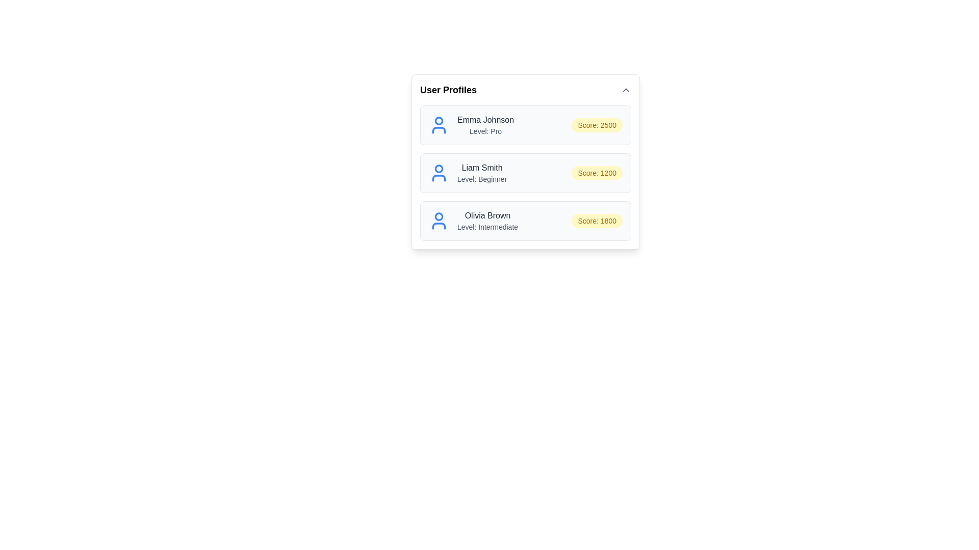 Image resolution: width=979 pixels, height=550 pixels. I want to click on the text label displaying the user's name in the profile card, located at the top of the list in the user profile section, right of the blue profile icon, and above the 'Level: Pro' label, so click(485, 119).